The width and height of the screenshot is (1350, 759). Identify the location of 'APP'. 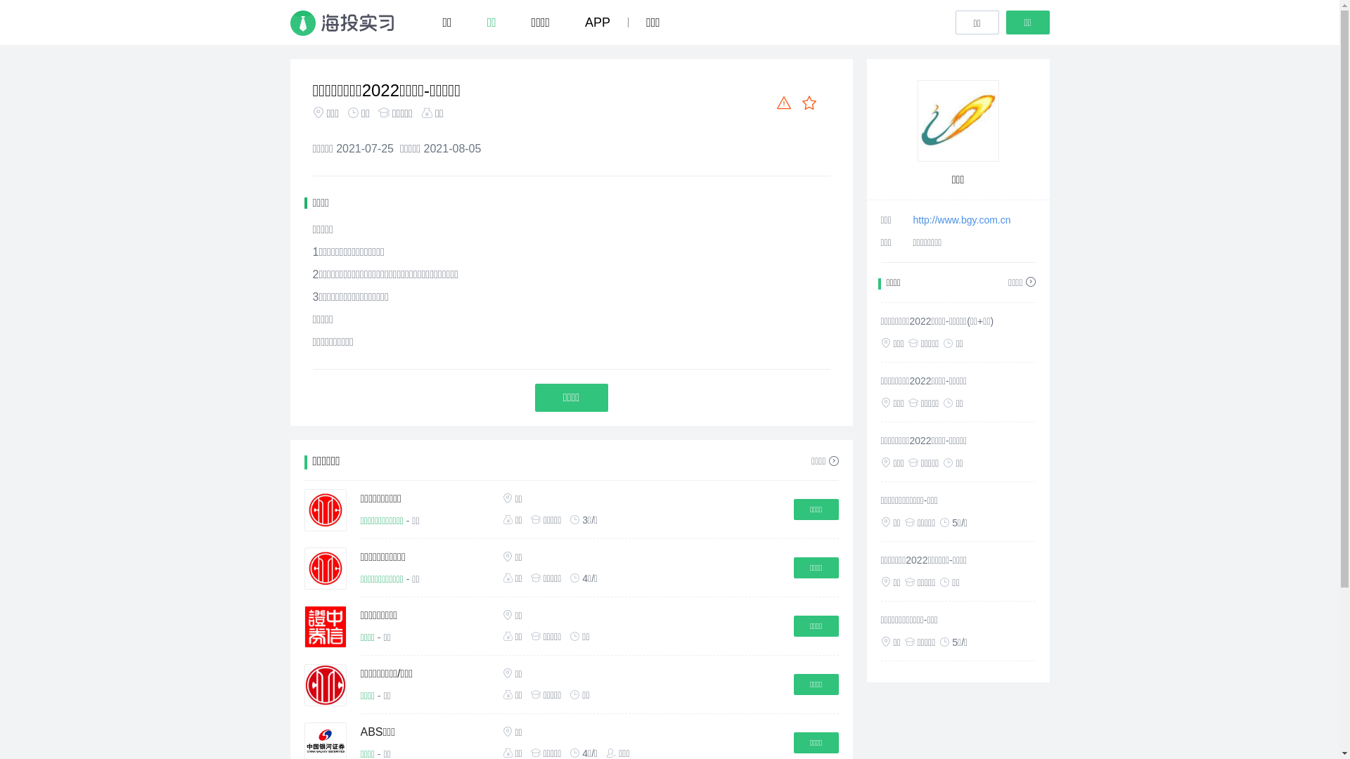
(606, 22).